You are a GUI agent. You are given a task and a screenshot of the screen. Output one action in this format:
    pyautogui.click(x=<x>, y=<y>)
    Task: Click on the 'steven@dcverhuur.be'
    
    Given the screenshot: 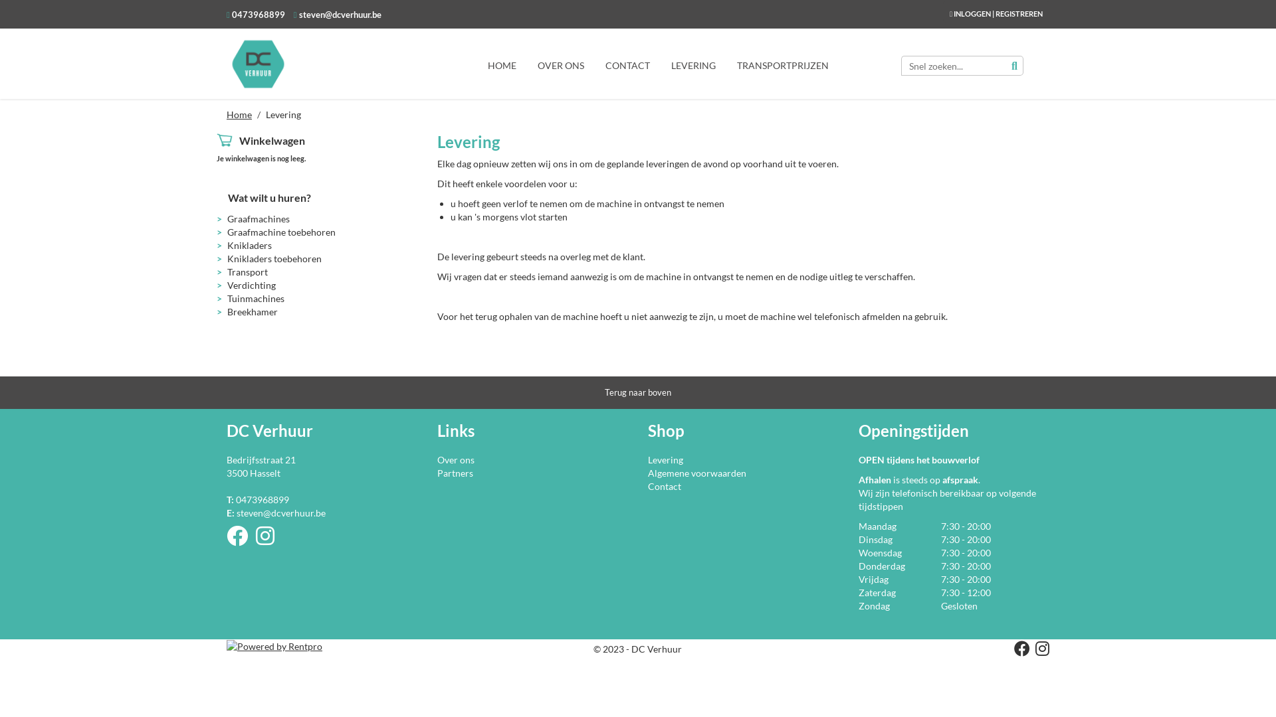 What is the action you would take?
    pyautogui.click(x=338, y=15)
    